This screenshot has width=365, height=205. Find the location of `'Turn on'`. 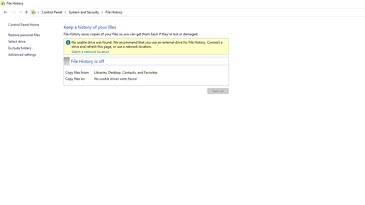

'Turn on' is located at coordinates (218, 91).